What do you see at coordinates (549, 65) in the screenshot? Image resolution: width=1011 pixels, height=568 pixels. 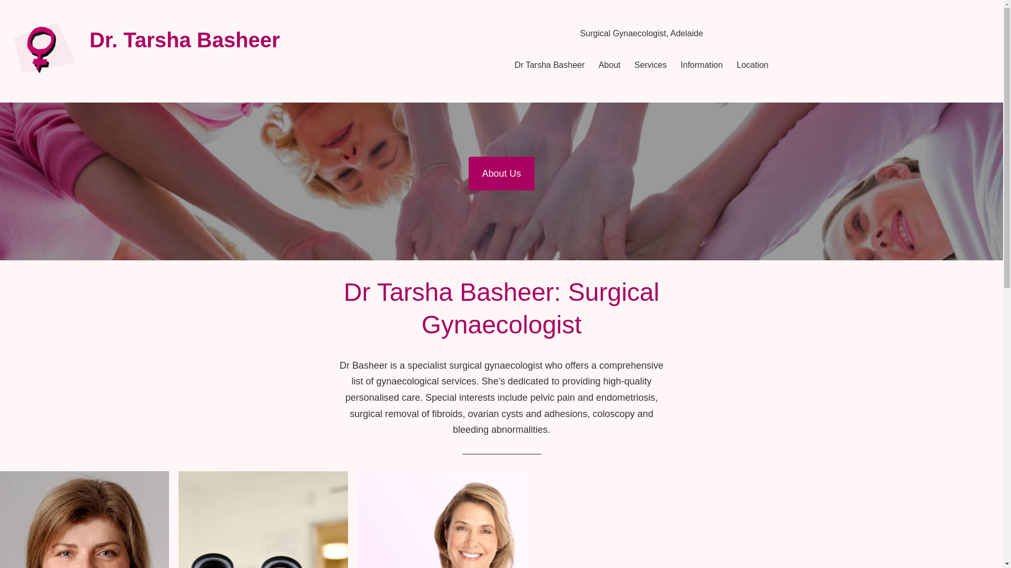 I see `'Dr Tarsha Basheer'` at bounding box center [549, 65].